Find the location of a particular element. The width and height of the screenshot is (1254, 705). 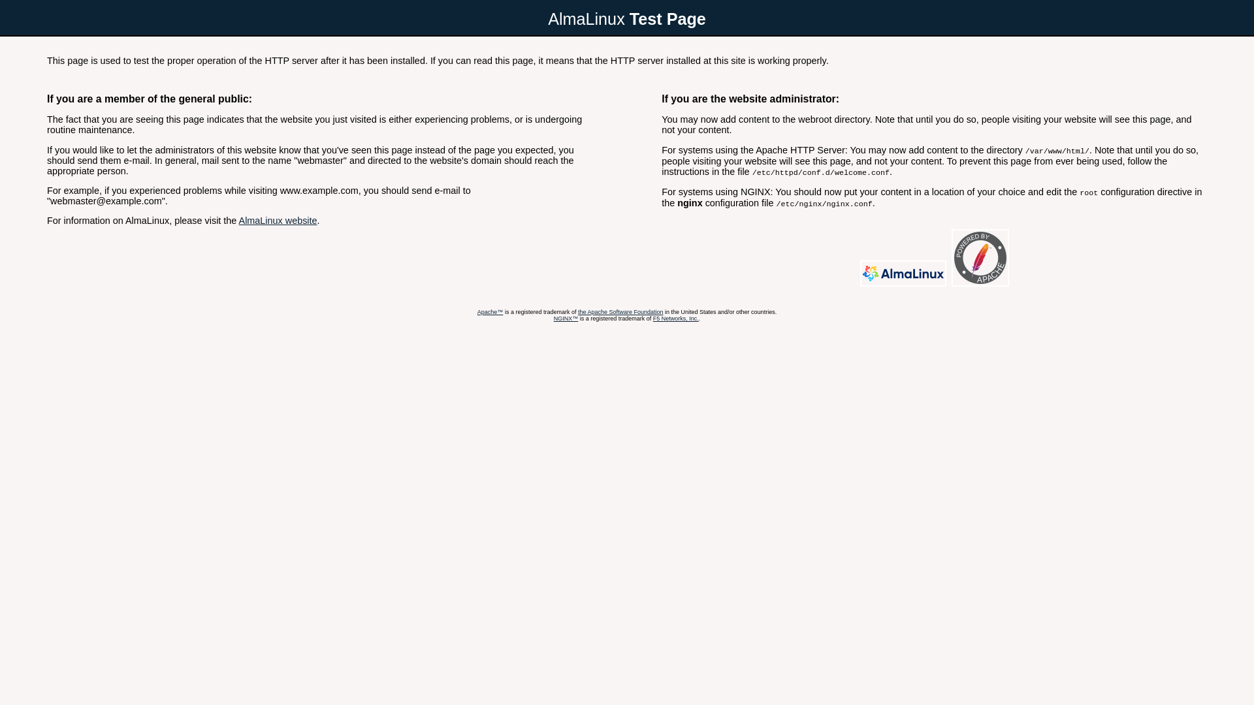

'AlmaLinux website' is located at coordinates (278, 220).